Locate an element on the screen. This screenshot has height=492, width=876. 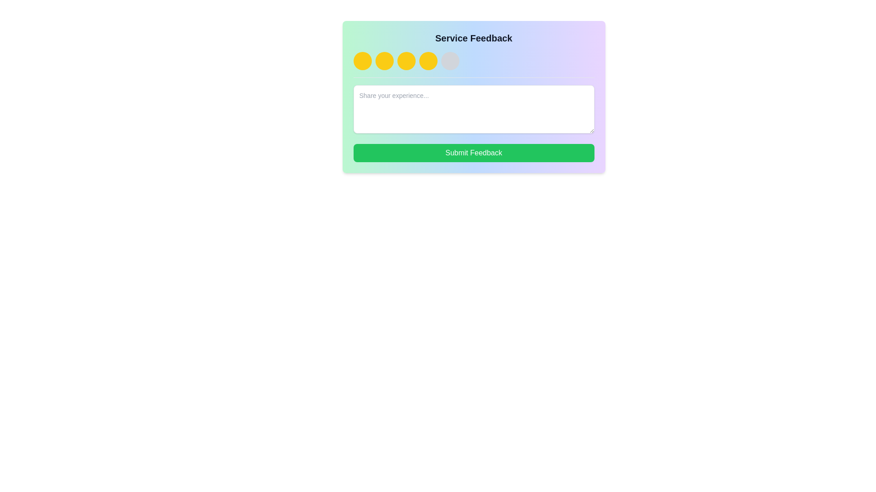
across the circular rating icons is located at coordinates (474, 64).